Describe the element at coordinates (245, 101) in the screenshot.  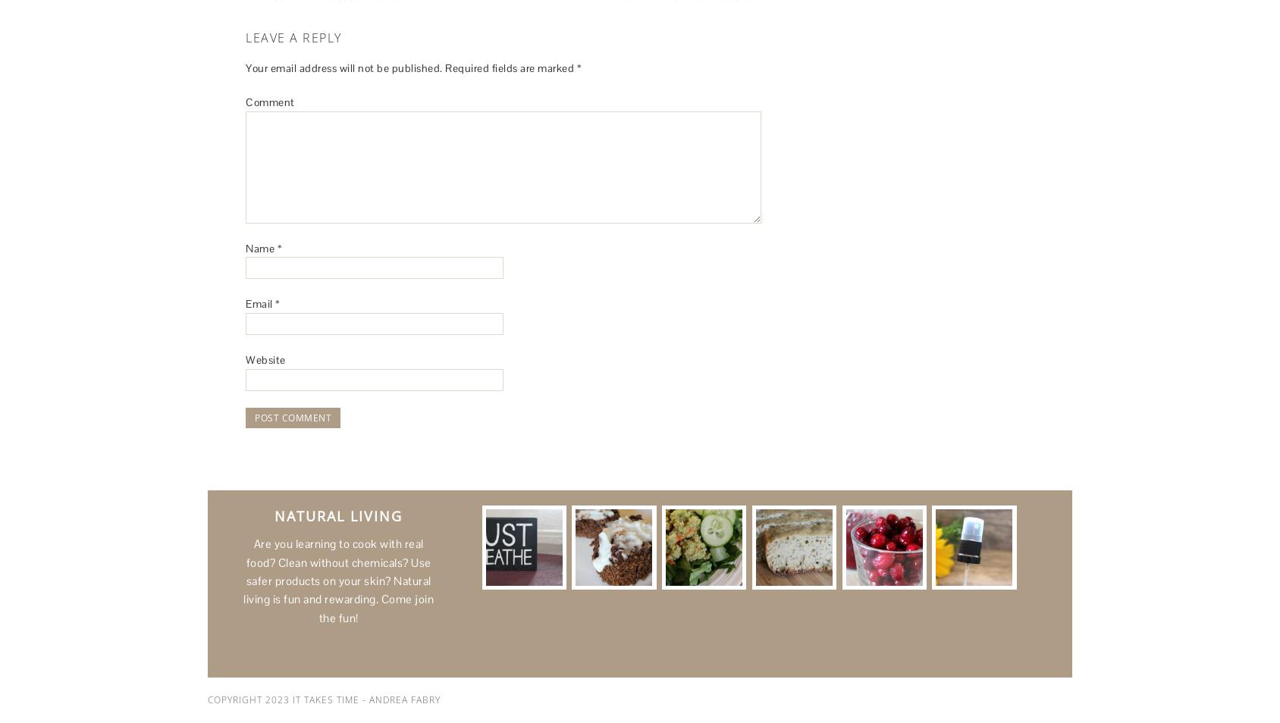
I see `'Comment'` at that location.